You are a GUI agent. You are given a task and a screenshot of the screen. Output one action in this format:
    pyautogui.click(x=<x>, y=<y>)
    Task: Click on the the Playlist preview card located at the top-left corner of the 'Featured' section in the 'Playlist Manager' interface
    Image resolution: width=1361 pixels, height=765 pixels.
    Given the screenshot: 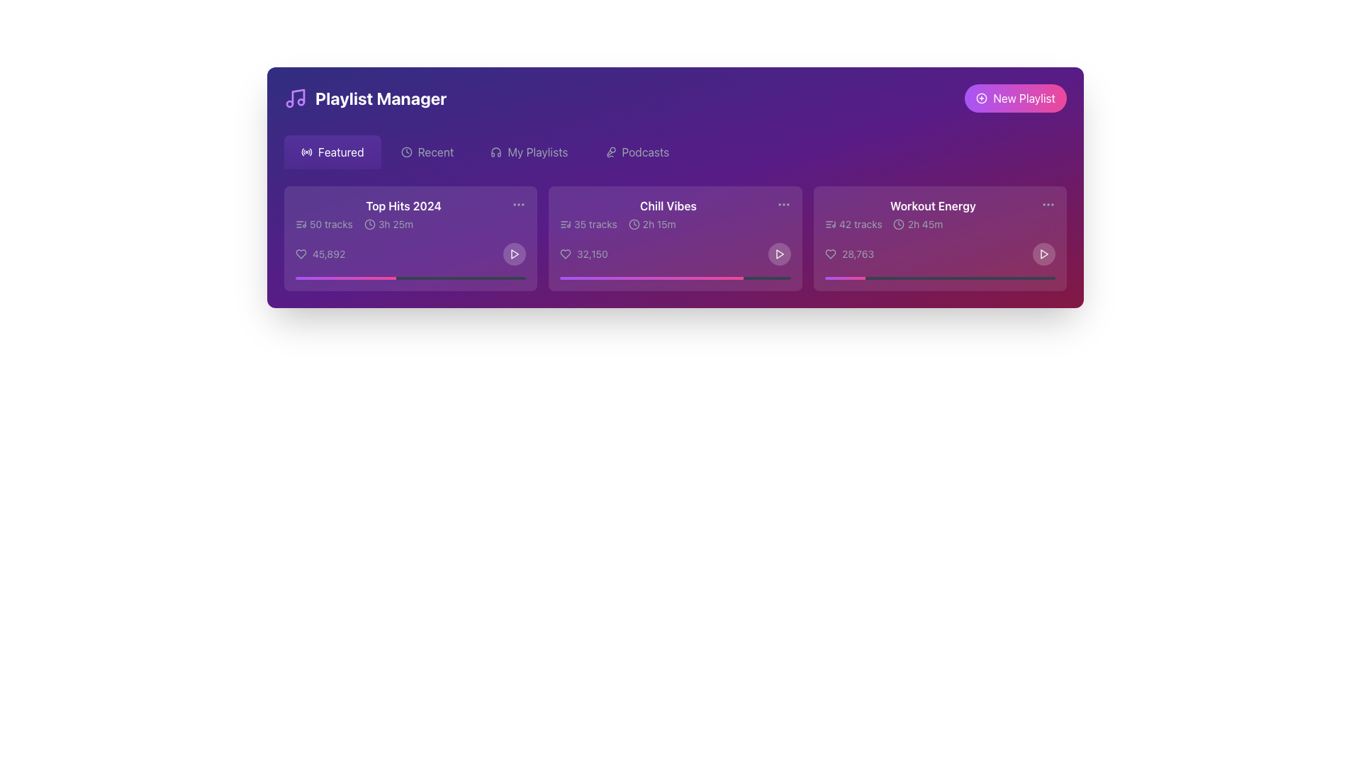 What is the action you would take?
    pyautogui.click(x=403, y=215)
    